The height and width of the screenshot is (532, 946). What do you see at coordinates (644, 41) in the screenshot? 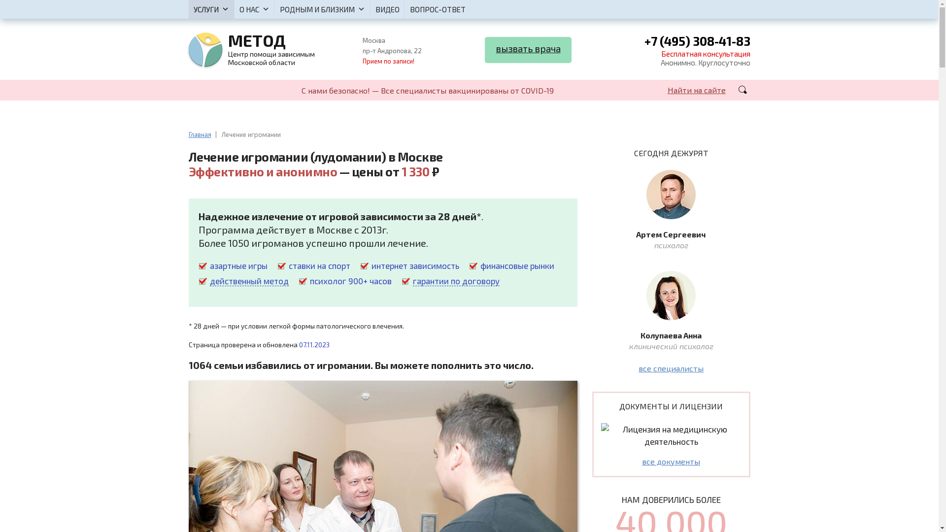
I see `'+7 (495) 308-41-83'` at bounding box center [644, 41].